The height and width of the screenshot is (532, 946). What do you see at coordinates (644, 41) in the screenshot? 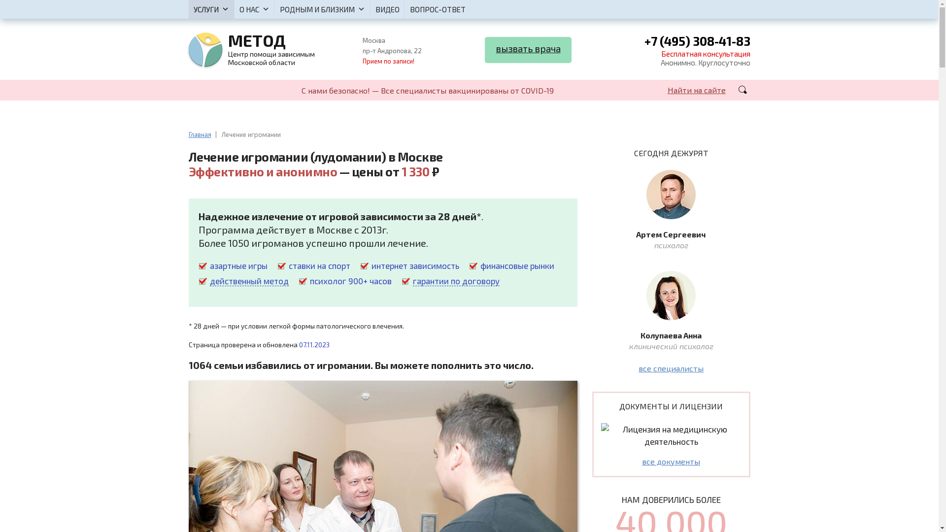
I see `'+7 (495) 308-41-83'` at bounding box center [644, 41].